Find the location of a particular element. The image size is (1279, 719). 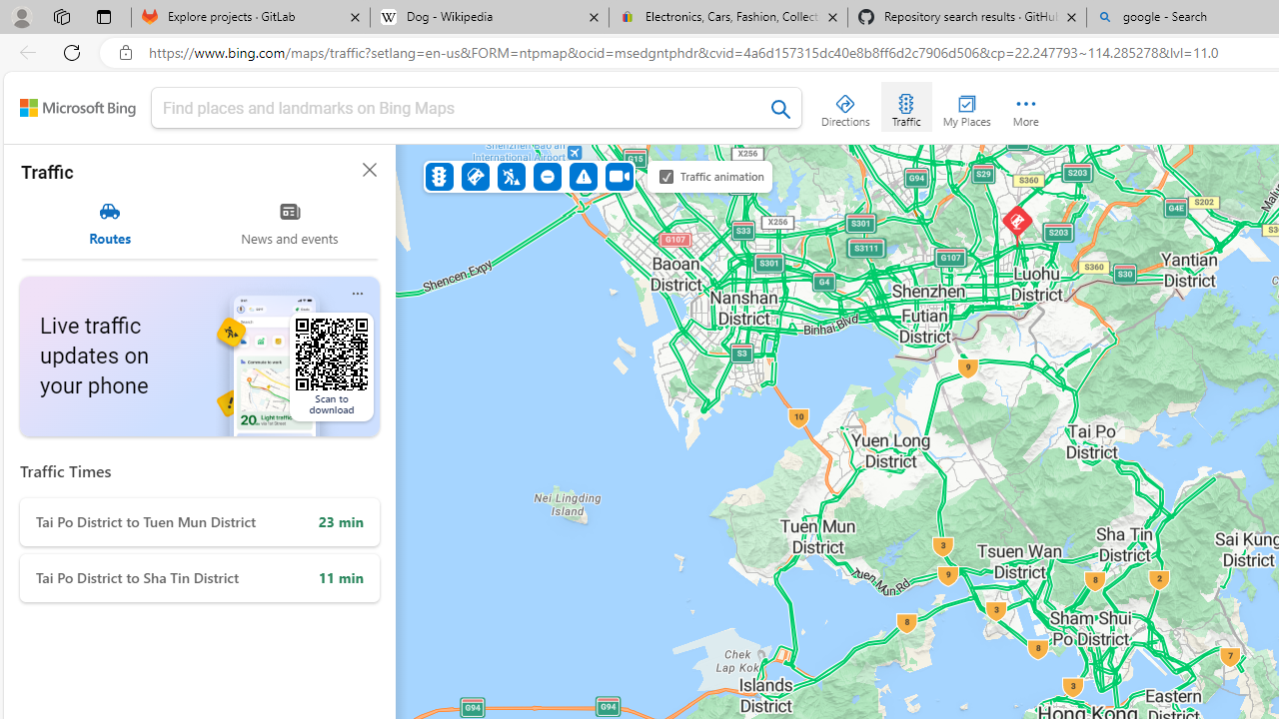

'Class: sbElement' is located at coordinates (78, 108).